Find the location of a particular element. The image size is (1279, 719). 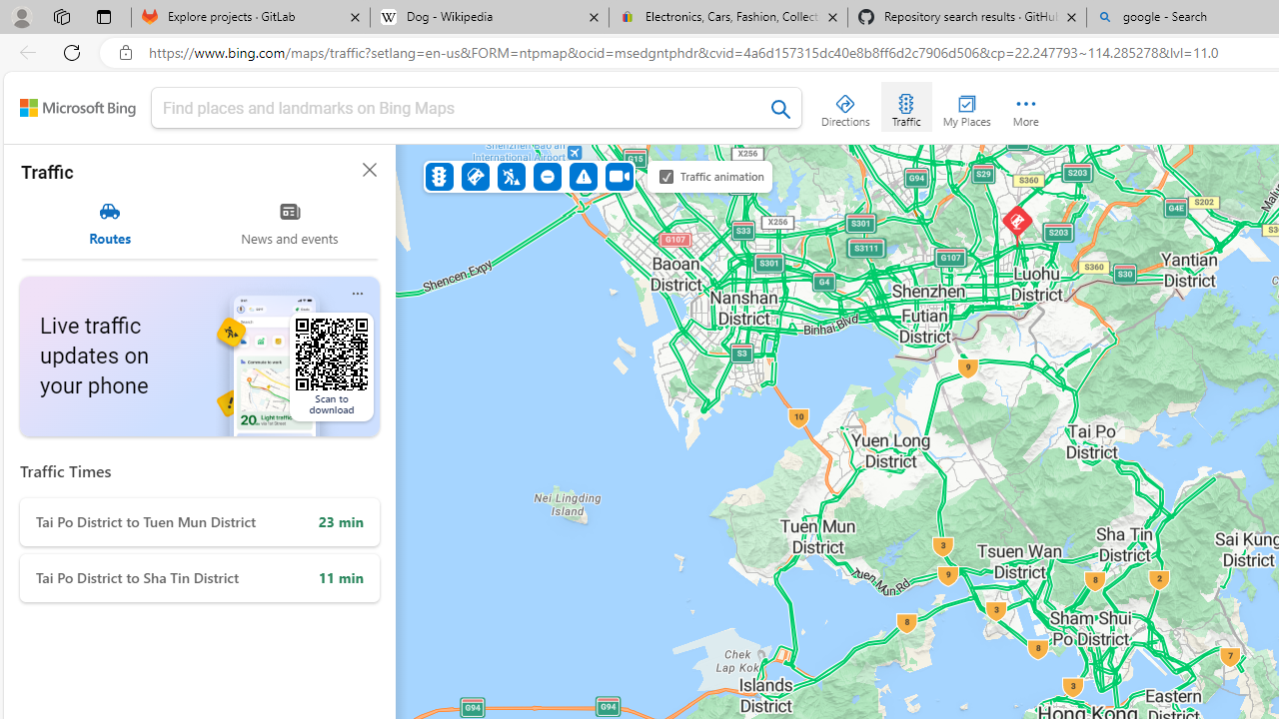

'Class: sbElement' is located at coordinates (78, 108).